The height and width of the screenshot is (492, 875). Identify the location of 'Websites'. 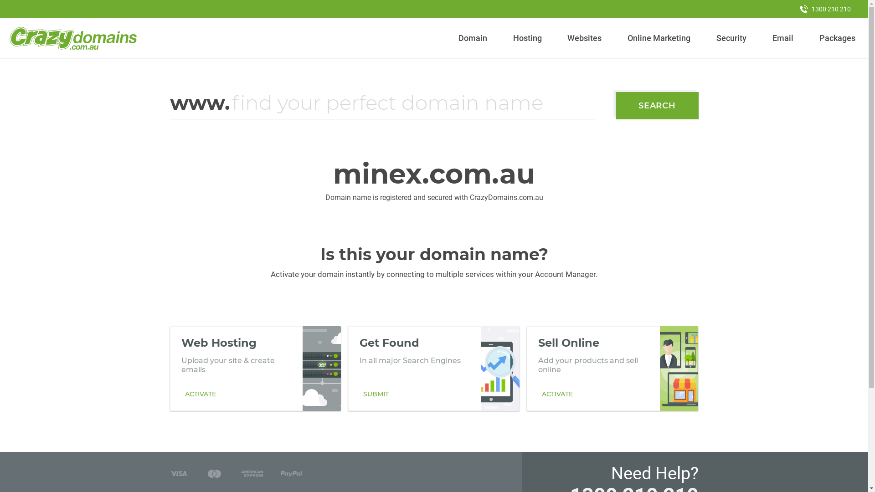
(584, 38).